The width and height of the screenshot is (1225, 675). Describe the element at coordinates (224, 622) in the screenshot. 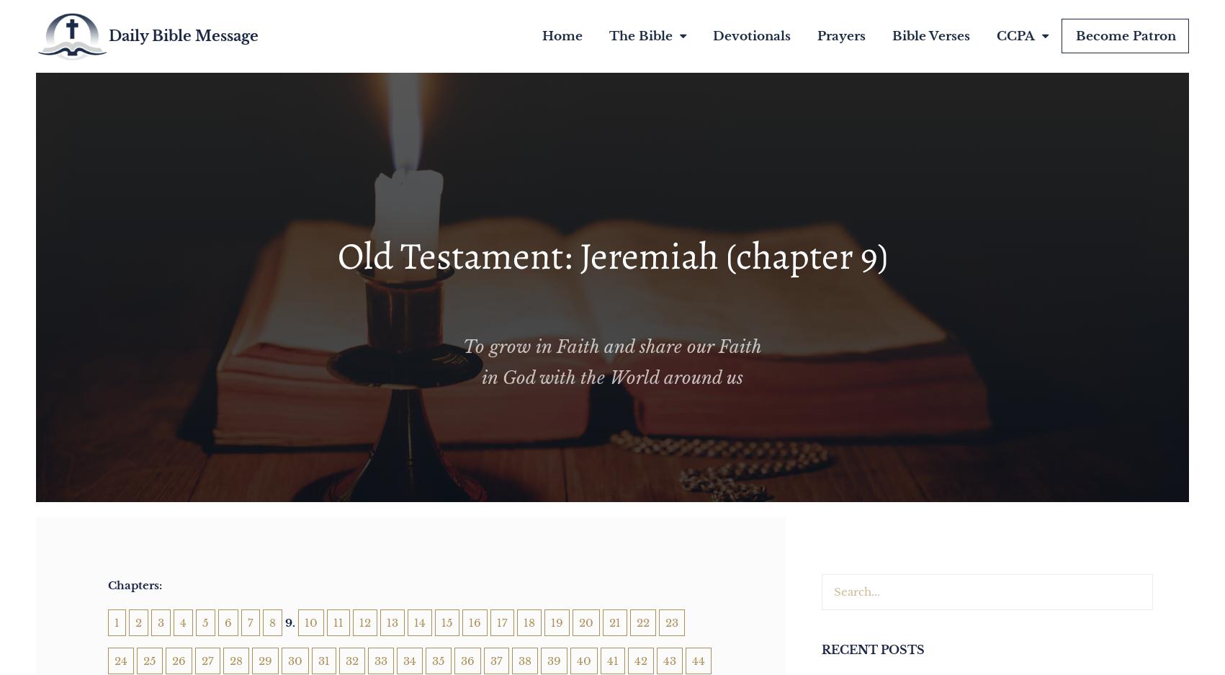

I see `'6'` at that location.